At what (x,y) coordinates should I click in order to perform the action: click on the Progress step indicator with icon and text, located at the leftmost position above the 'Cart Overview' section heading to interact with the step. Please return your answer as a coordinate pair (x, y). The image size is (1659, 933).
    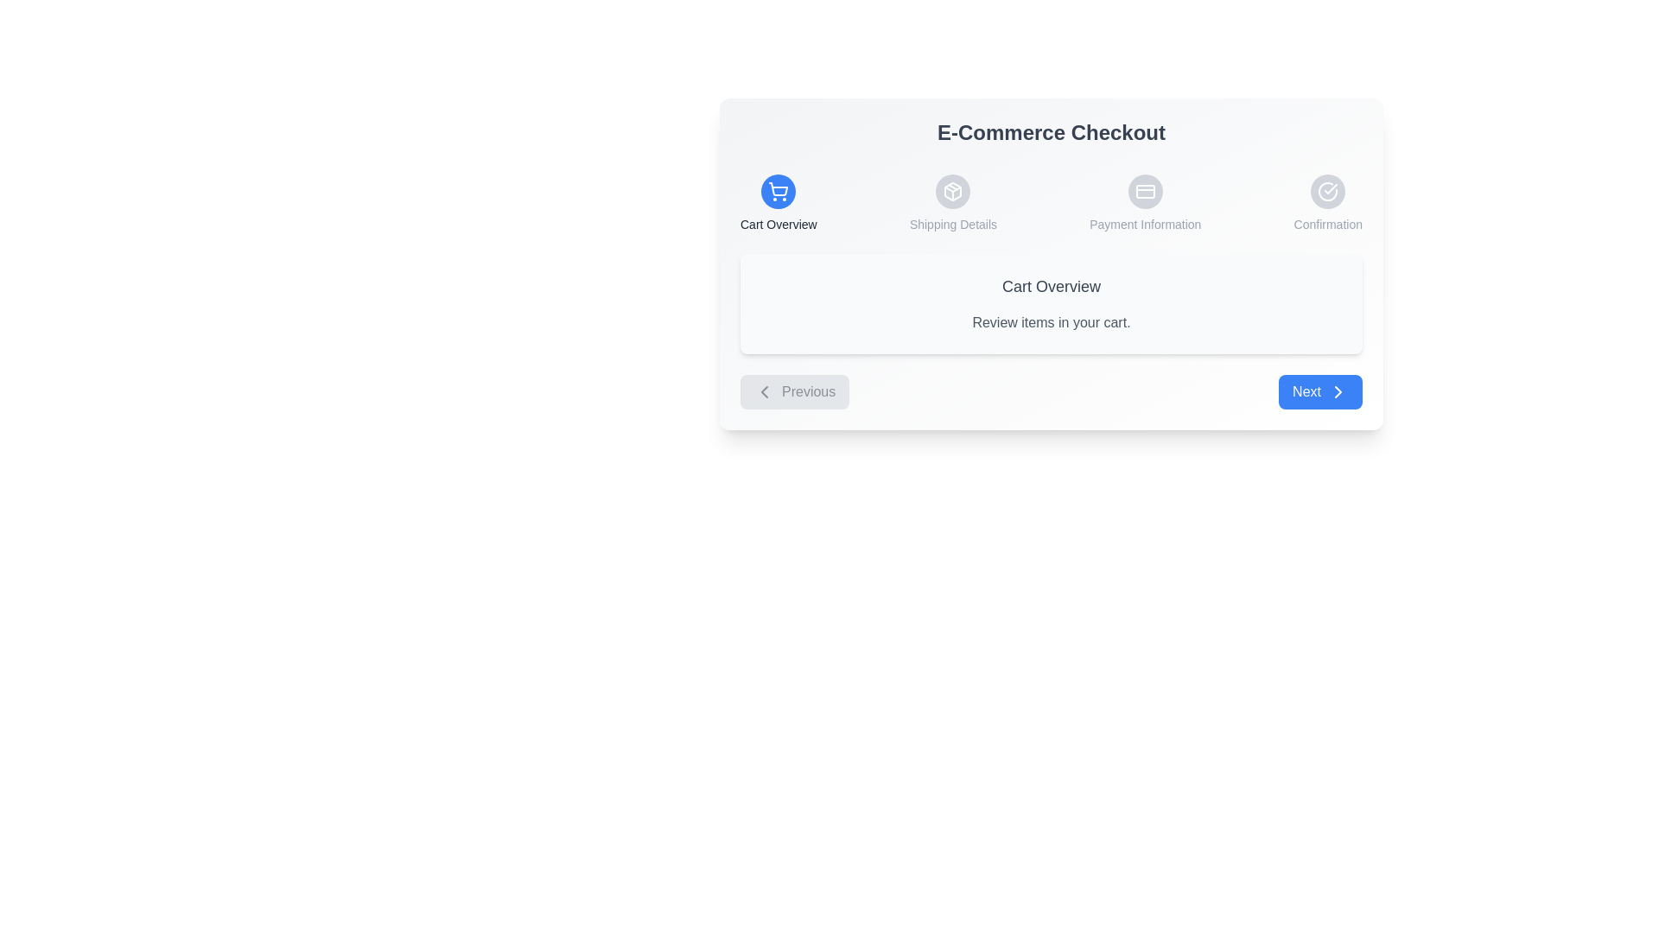
    Looking at the image, I should click on (778, 202).